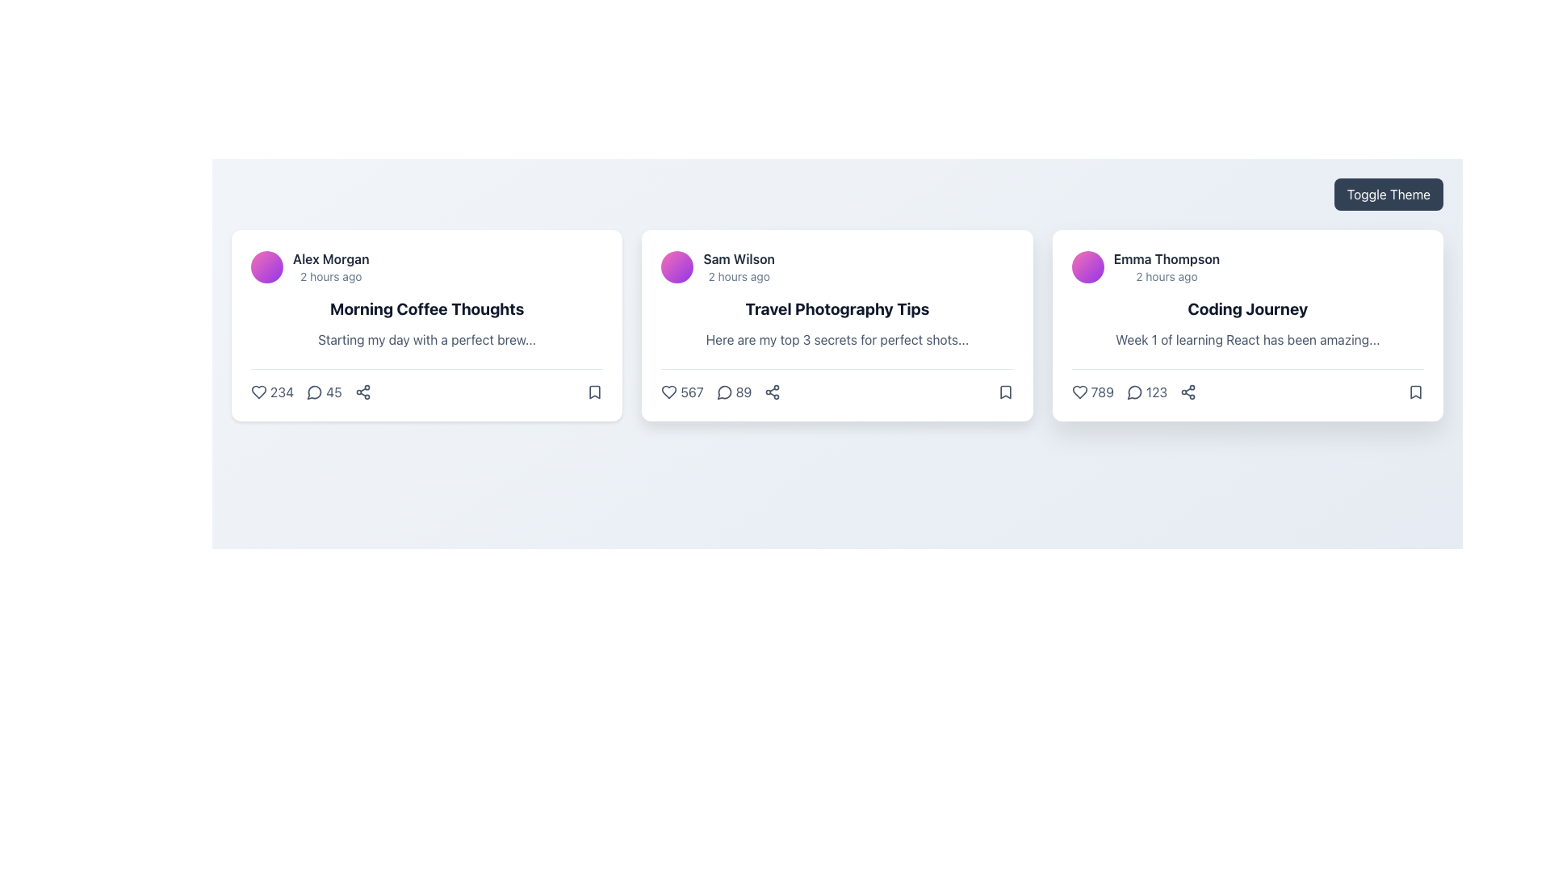 This screenshot has width=1550, height=872. Describe the element at coordinates (1004, 392) in the screenshot. I see `the Bookmark Icon located at the bottom-right corner of the post card by 'Sam Wilson'` at that location.